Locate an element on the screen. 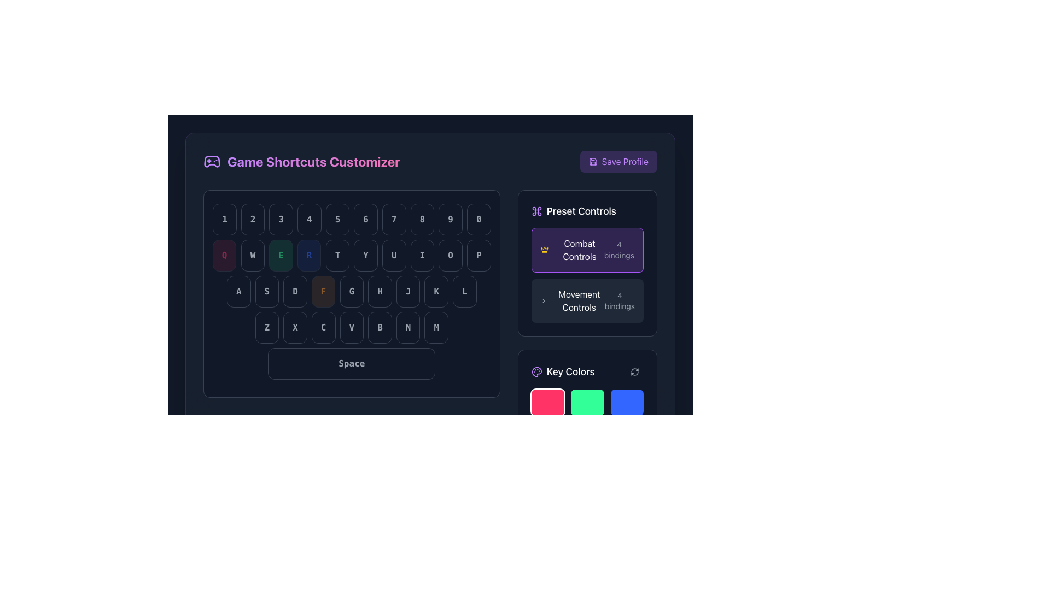  the 'Key Colors' title section, which includes a purple palette icon on the left and a gray refresh icon on the right is located at coordinates (587, 371).